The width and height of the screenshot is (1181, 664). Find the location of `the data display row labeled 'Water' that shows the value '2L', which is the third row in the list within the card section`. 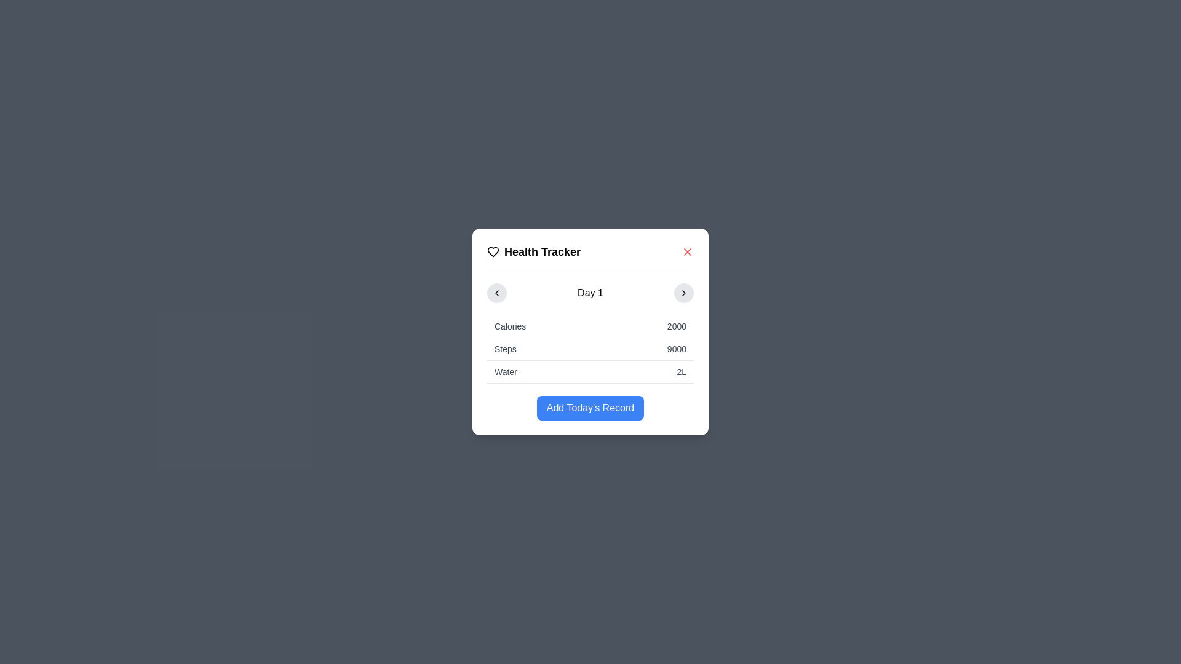

the data display row labeled 'Water' that shows the value '2L', which is the third row in the list within the card section is located at coordinates (590, 371).